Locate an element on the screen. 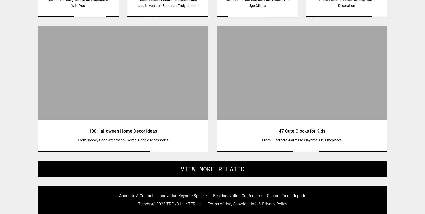 The width and height of the screenshot is (425, 214). '100 Halloween Home Decor Ideas' is located at coordinates (122, 131).